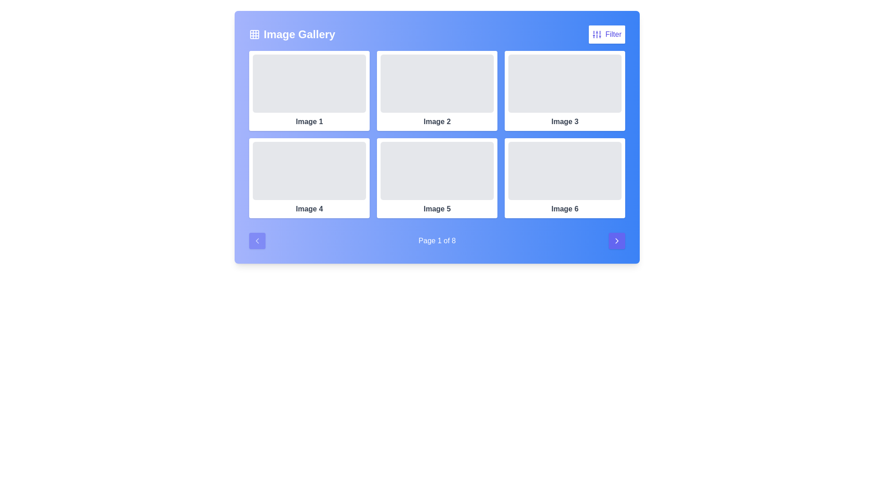  Describe the element at coordinates (613, 34) in the screenshot. I see `the textual label 'Filter' located within the button on the upper right corner of the interface, adjacent to the filtration icon` at that location.